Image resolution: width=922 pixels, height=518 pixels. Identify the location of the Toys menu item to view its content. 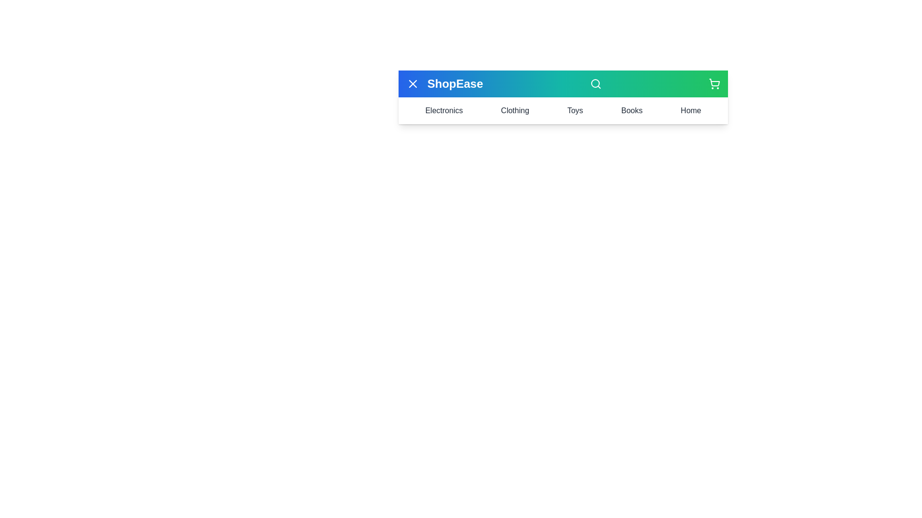
(575, 110).